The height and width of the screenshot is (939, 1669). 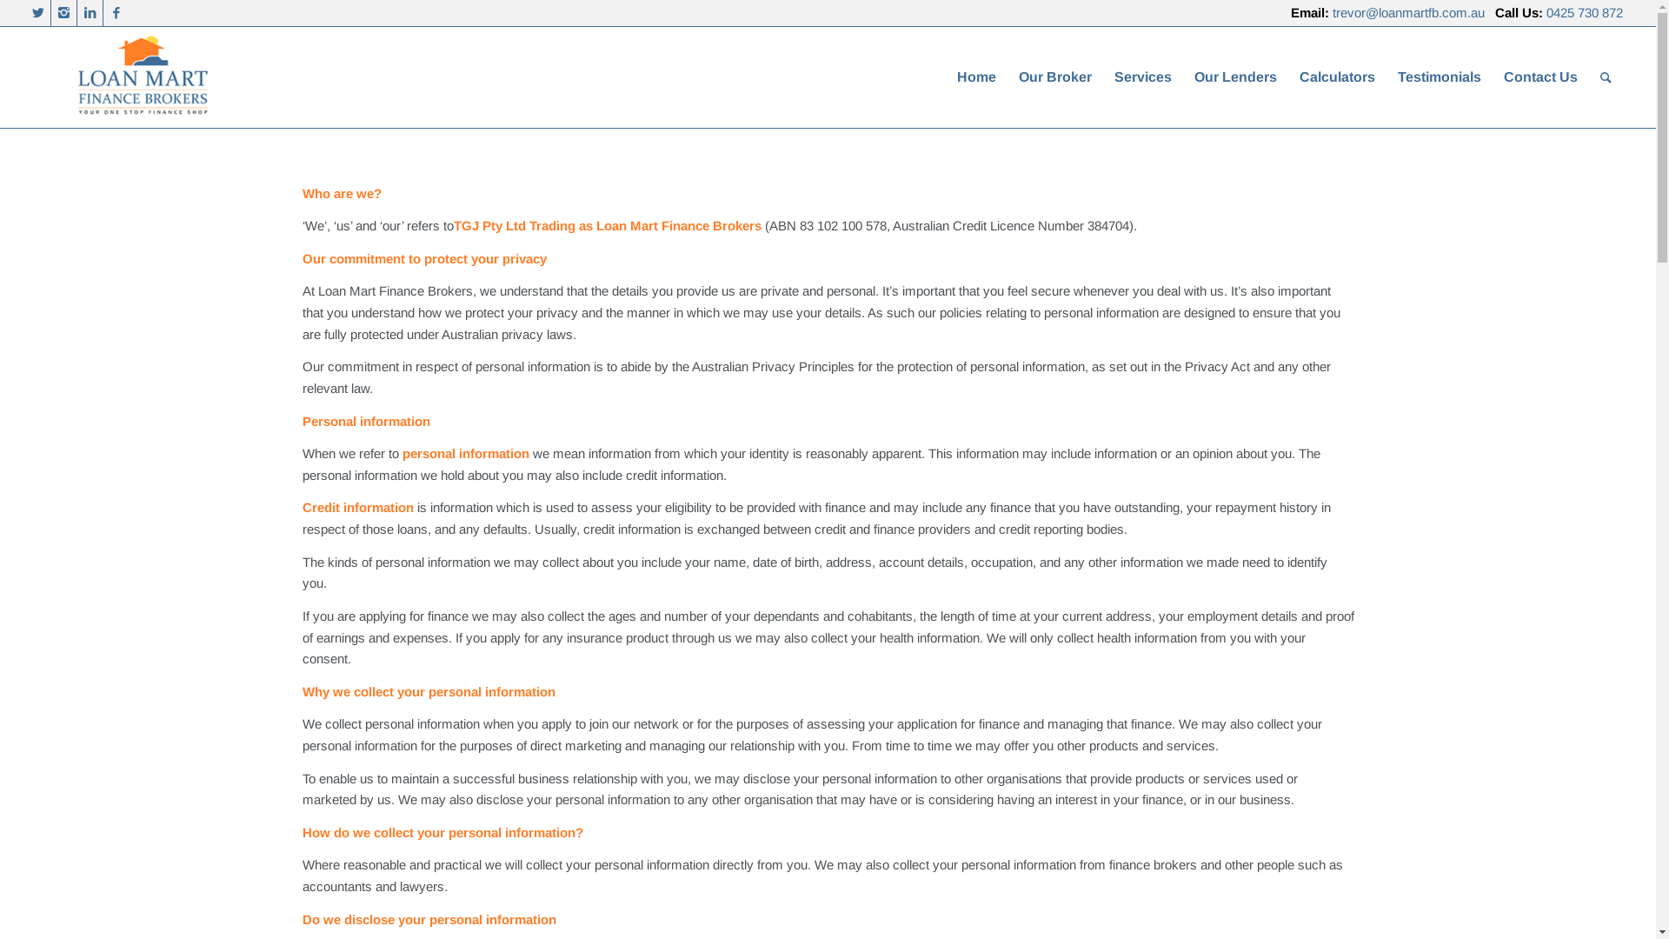 What do you see at coordinates (1054, 76) in the screenshot?
I see `'Our Broker'` at bounding box center [1054, 76].